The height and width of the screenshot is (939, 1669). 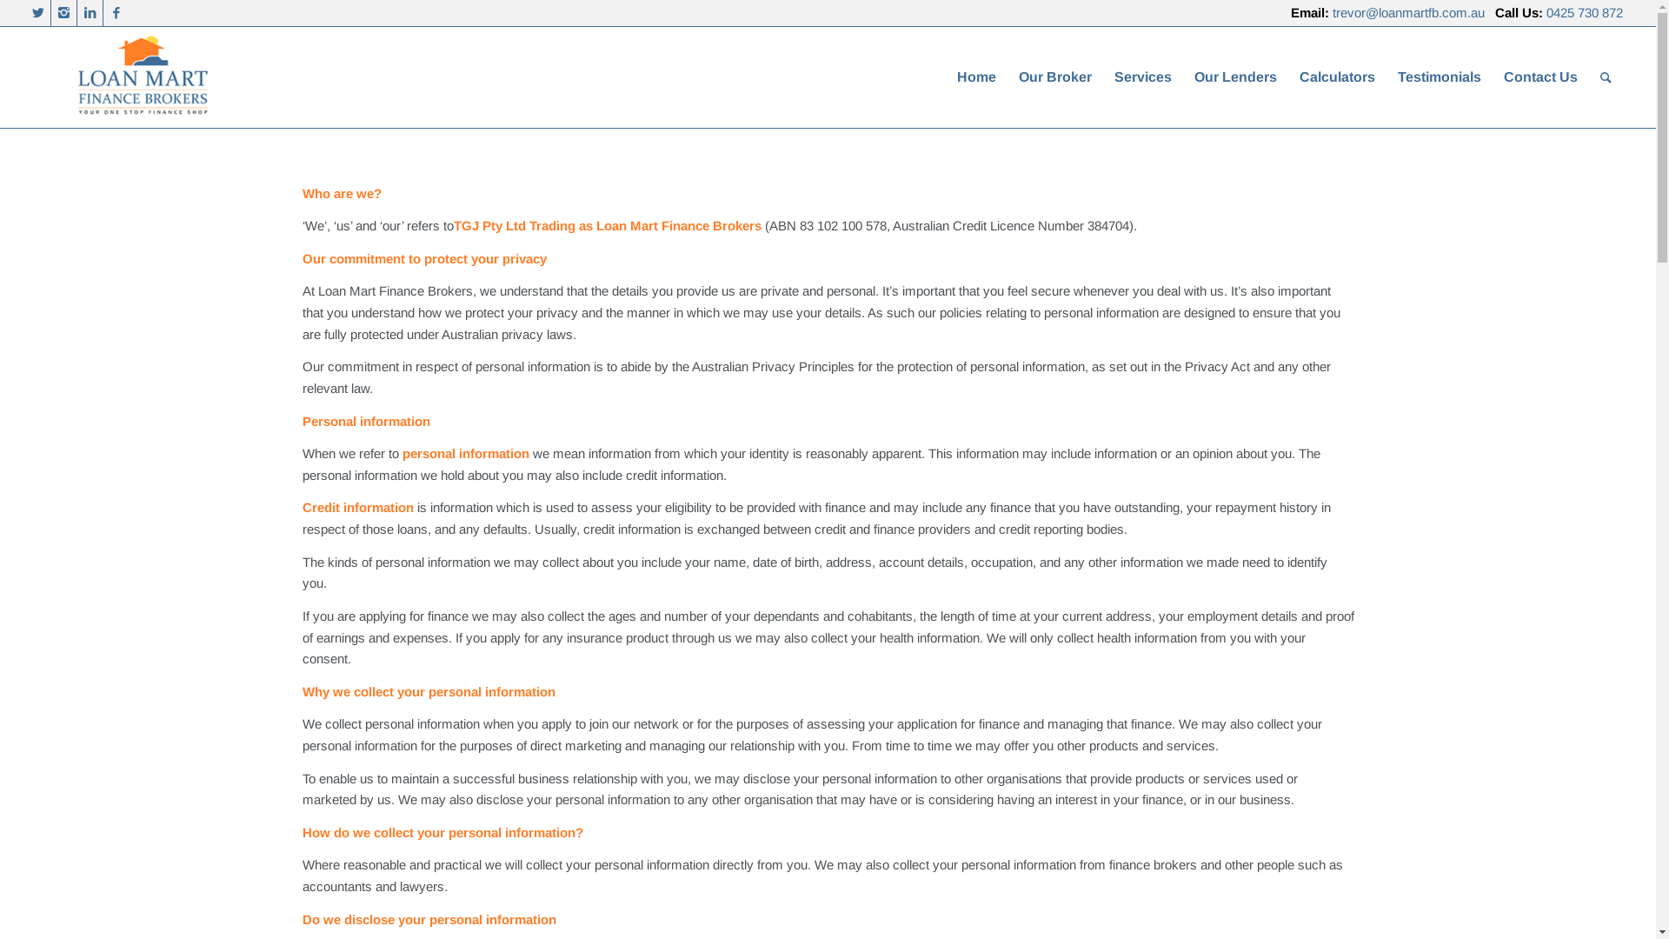 What do you see at coordinates (1054, 76) in the screenshot?
I see `'Our Broker'` at bounding box center [1054, 76].